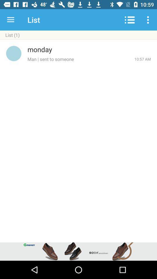 This screenshot has height=279, width=157. Describe the element at coordinates (14, 53) in the screenshot. I see `item to the left of monday icon` at that location.